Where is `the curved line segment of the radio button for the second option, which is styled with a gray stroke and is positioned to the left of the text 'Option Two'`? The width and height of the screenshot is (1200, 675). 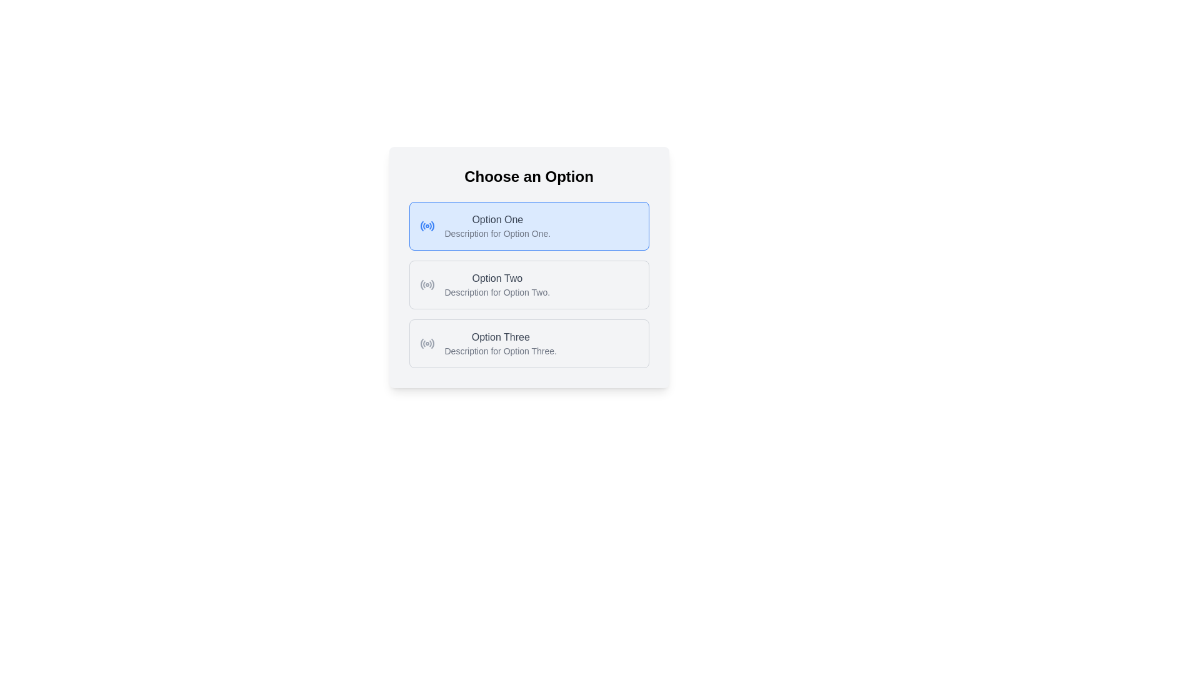
the curved line segment of the radio button for the second option, which is styled with a gray stroke and is positioned to the left of the text 'Option Two' is located at coordinates (421, 284).